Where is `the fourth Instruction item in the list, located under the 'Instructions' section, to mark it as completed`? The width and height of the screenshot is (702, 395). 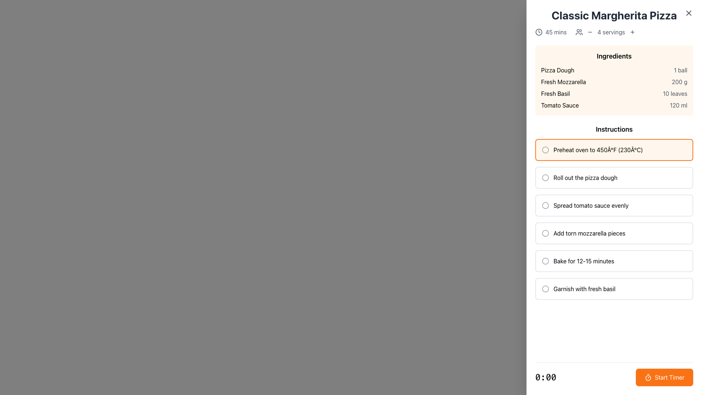 the fourth Instruction item in the list, located under the 'Instructions' section, to mark it as completed is located at coordinates (614, 233).